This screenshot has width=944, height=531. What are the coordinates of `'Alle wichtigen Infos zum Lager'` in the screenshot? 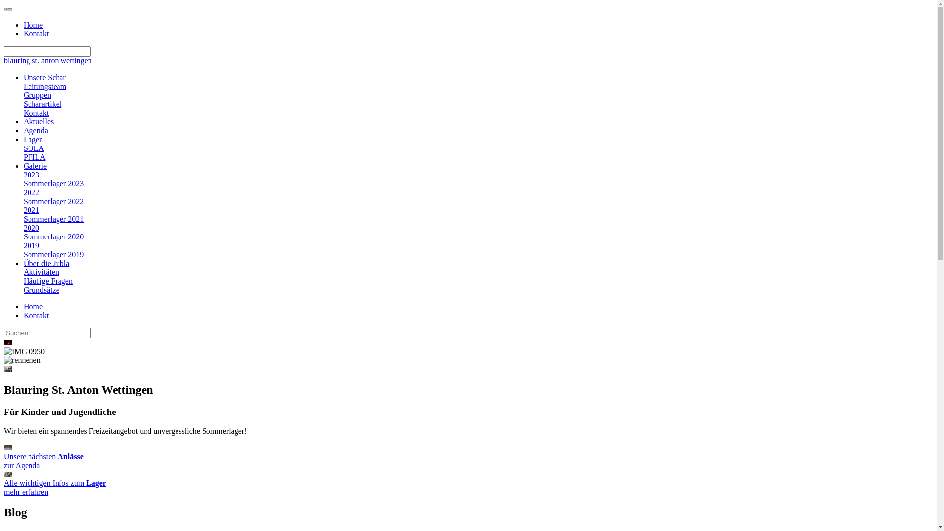 It's located at (54, 482).